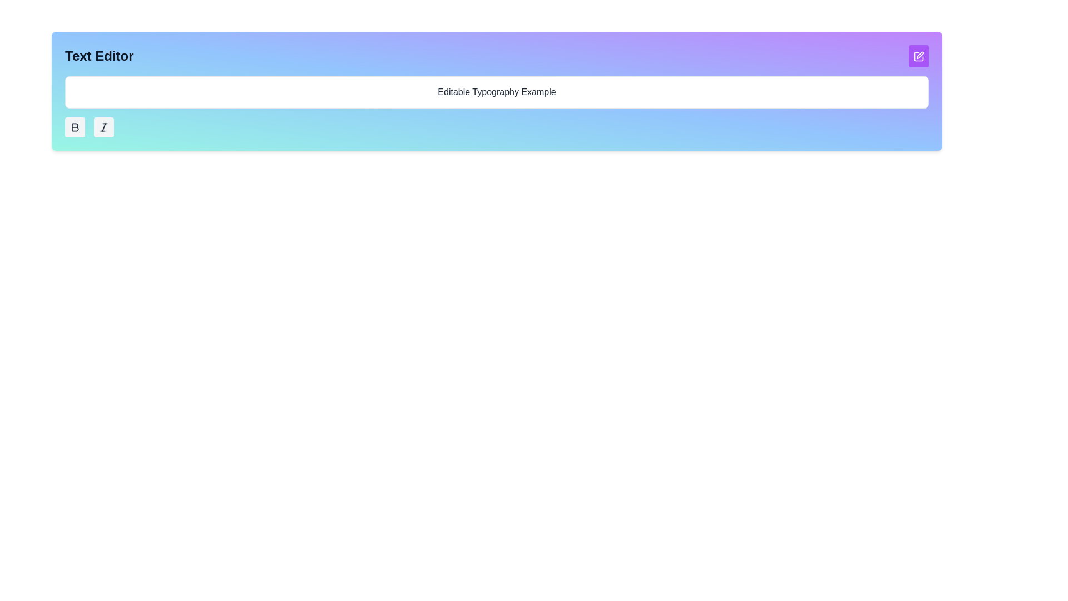 This screenshot has width=1068, height=601. What do you see at coordinates (104, 126) in the screenshot?
I see `the italic icon's line element in the toolbar below the 'Text Editor' label` at bounding box center [104, 126].